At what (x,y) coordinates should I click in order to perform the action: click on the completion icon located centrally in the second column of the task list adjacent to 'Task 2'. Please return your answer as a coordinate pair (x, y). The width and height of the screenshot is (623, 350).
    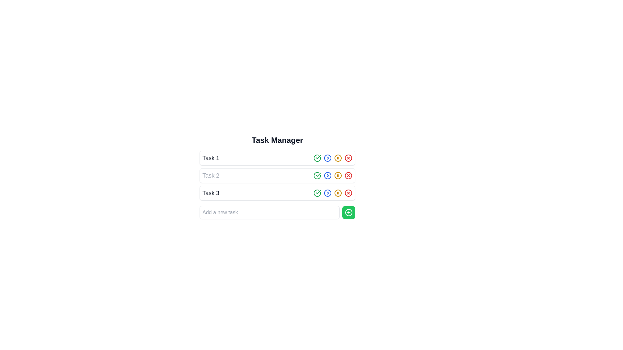
    Looking at the image, I should click on (317, 158).